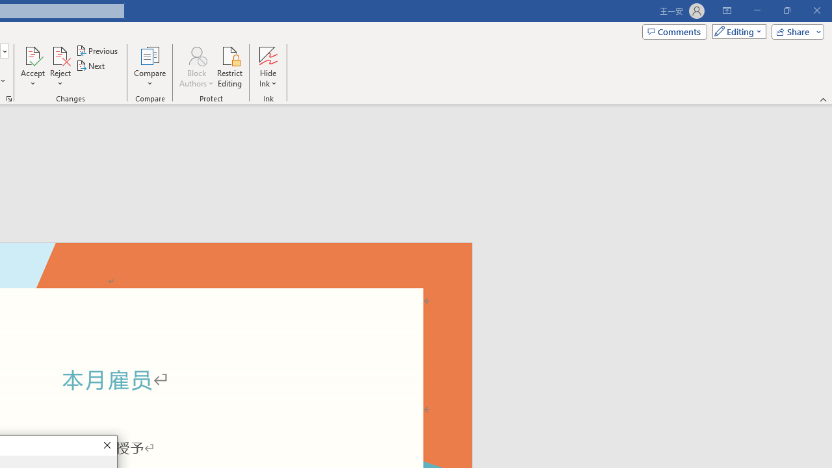  I want to click on 'Open', so click(4, 50).